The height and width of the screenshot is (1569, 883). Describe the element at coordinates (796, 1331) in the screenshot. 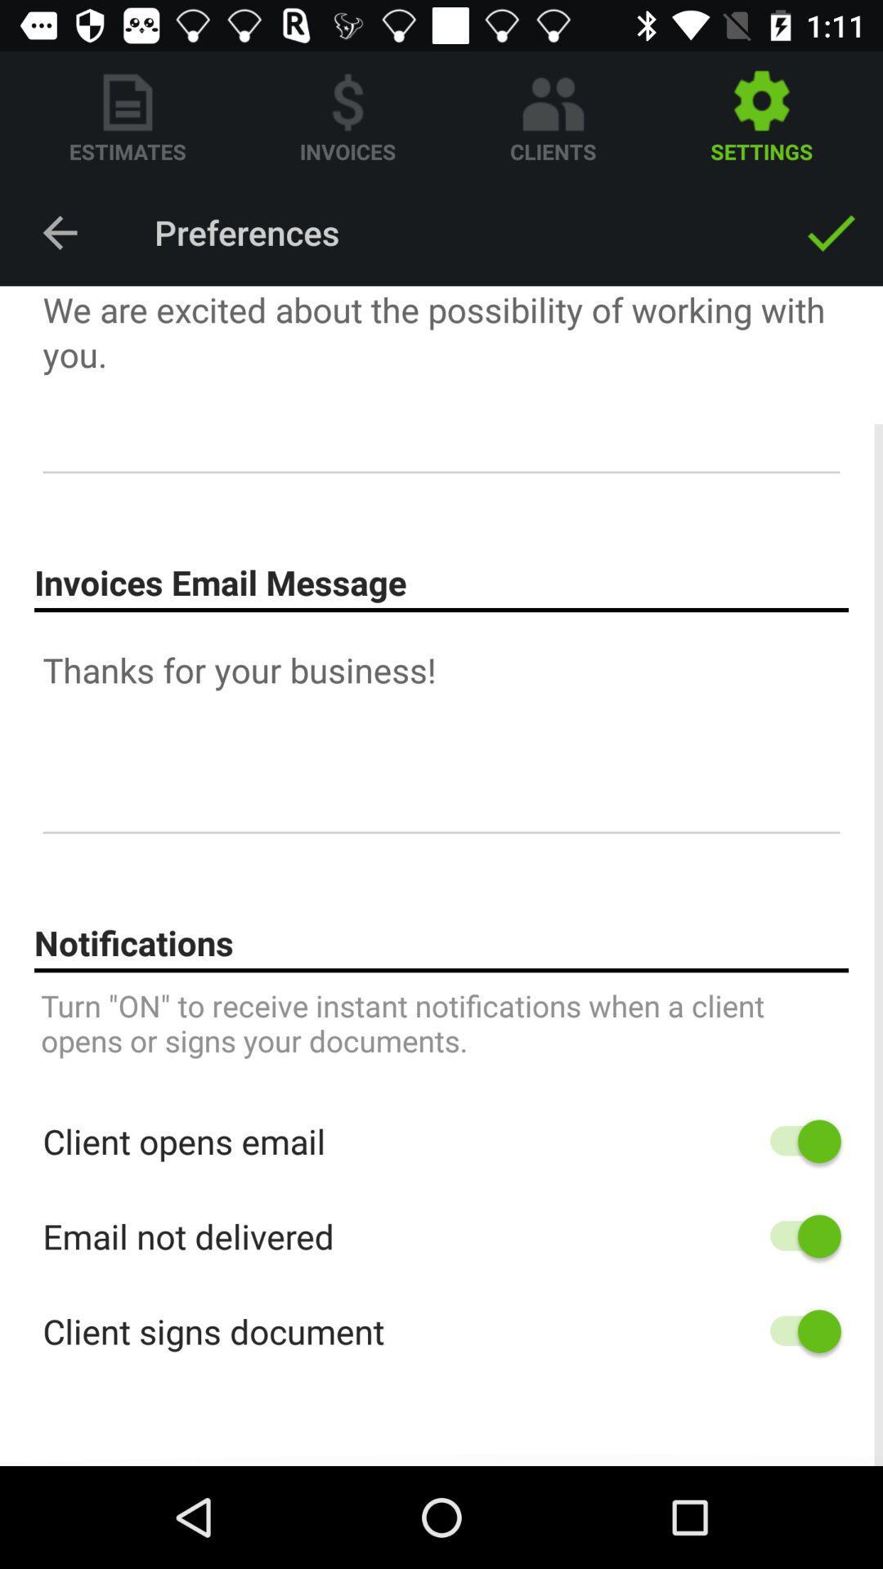

I see `client signs document notification` at that location.